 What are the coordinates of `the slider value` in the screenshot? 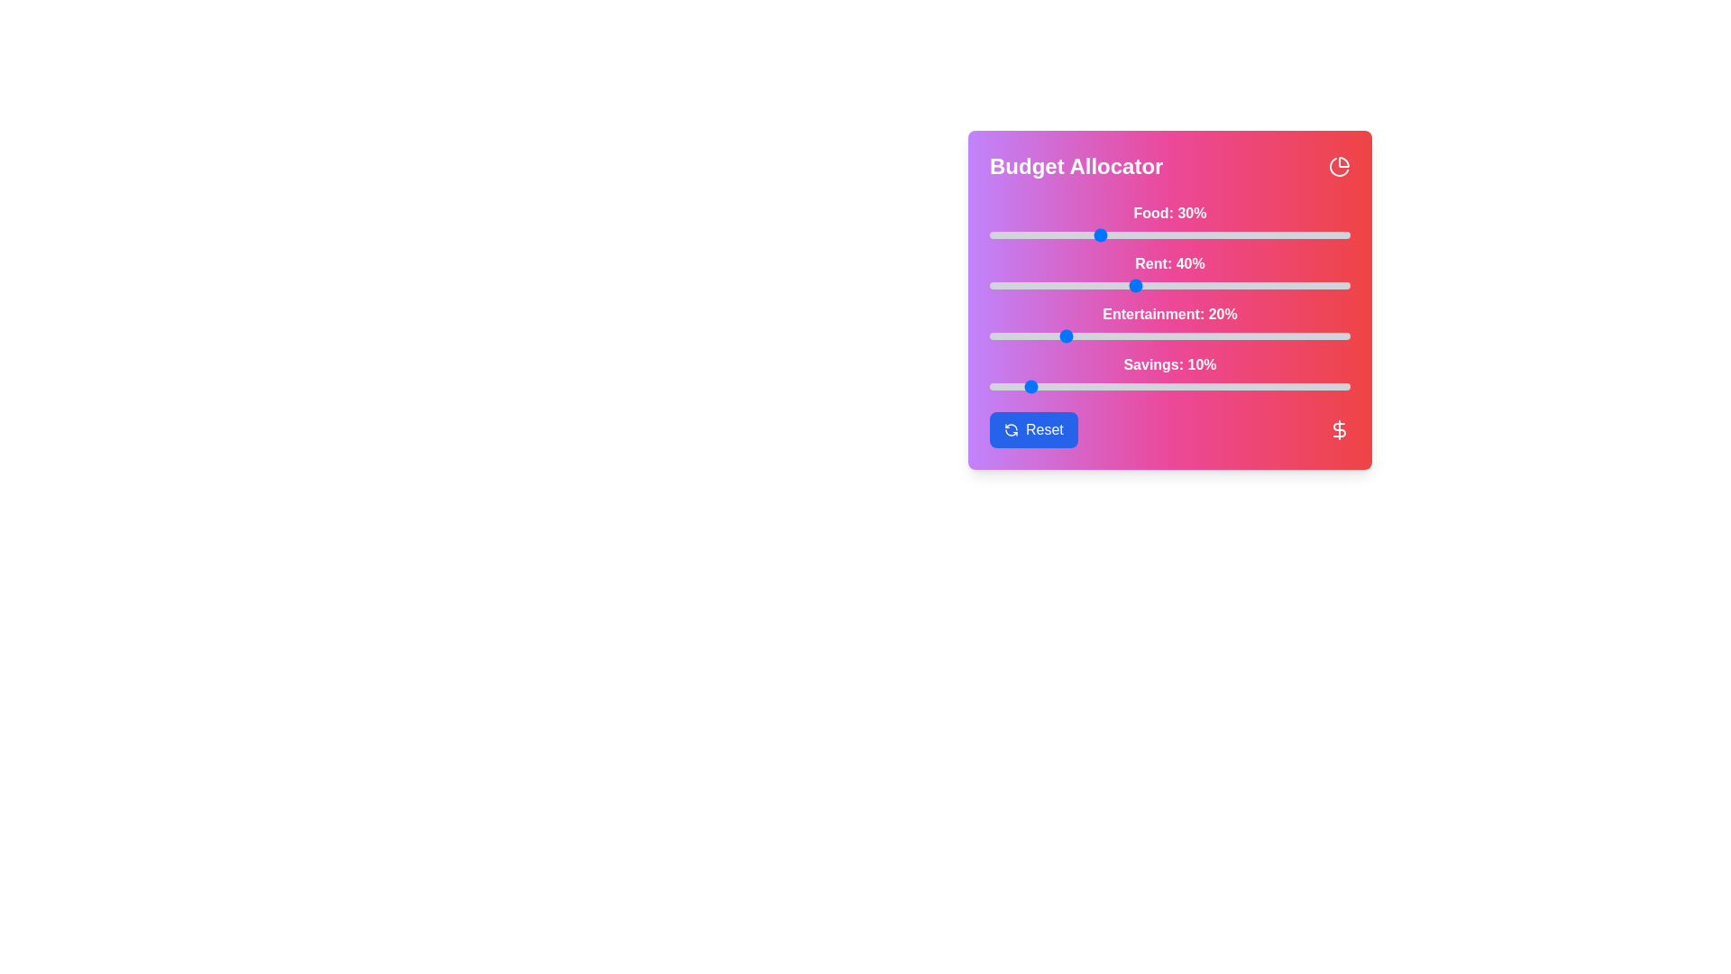 It's located at (1155, 336).